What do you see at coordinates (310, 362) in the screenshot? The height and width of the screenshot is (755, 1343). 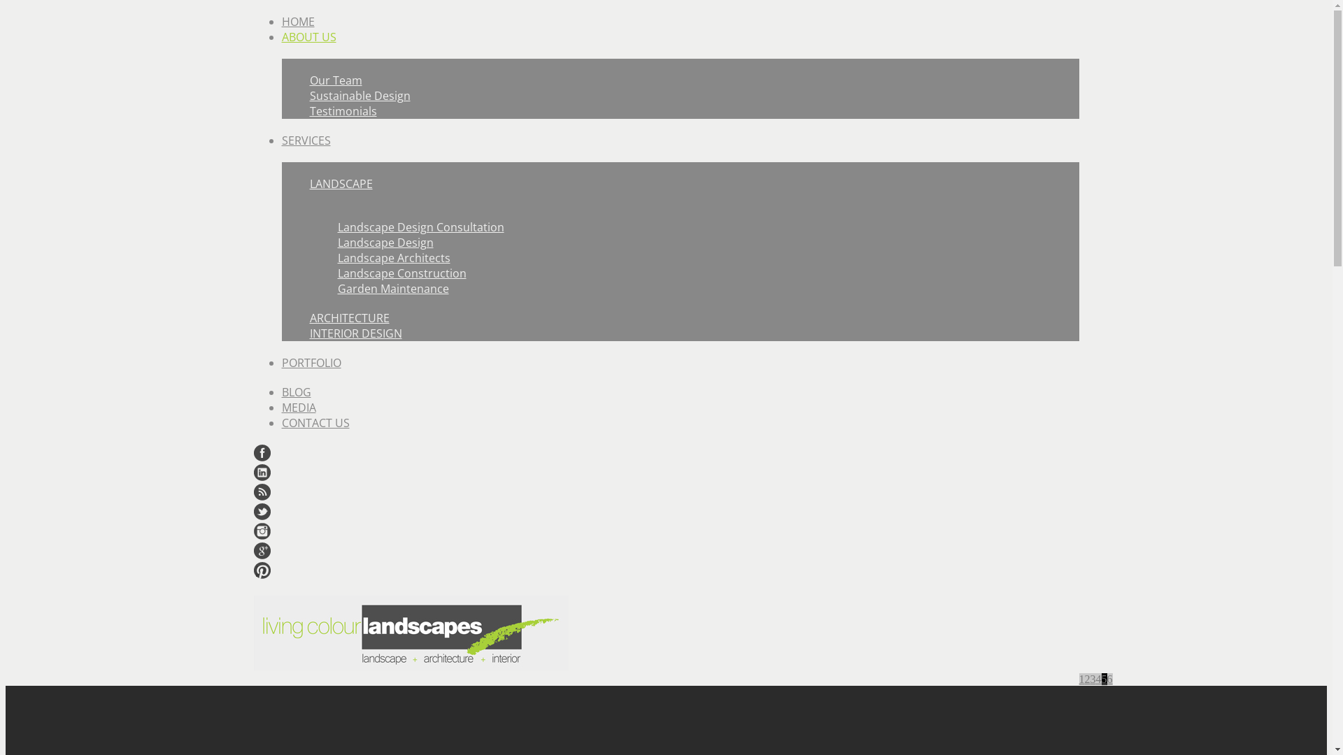 I see `'PORTFOLIO'` at bounding box center [310, 362].